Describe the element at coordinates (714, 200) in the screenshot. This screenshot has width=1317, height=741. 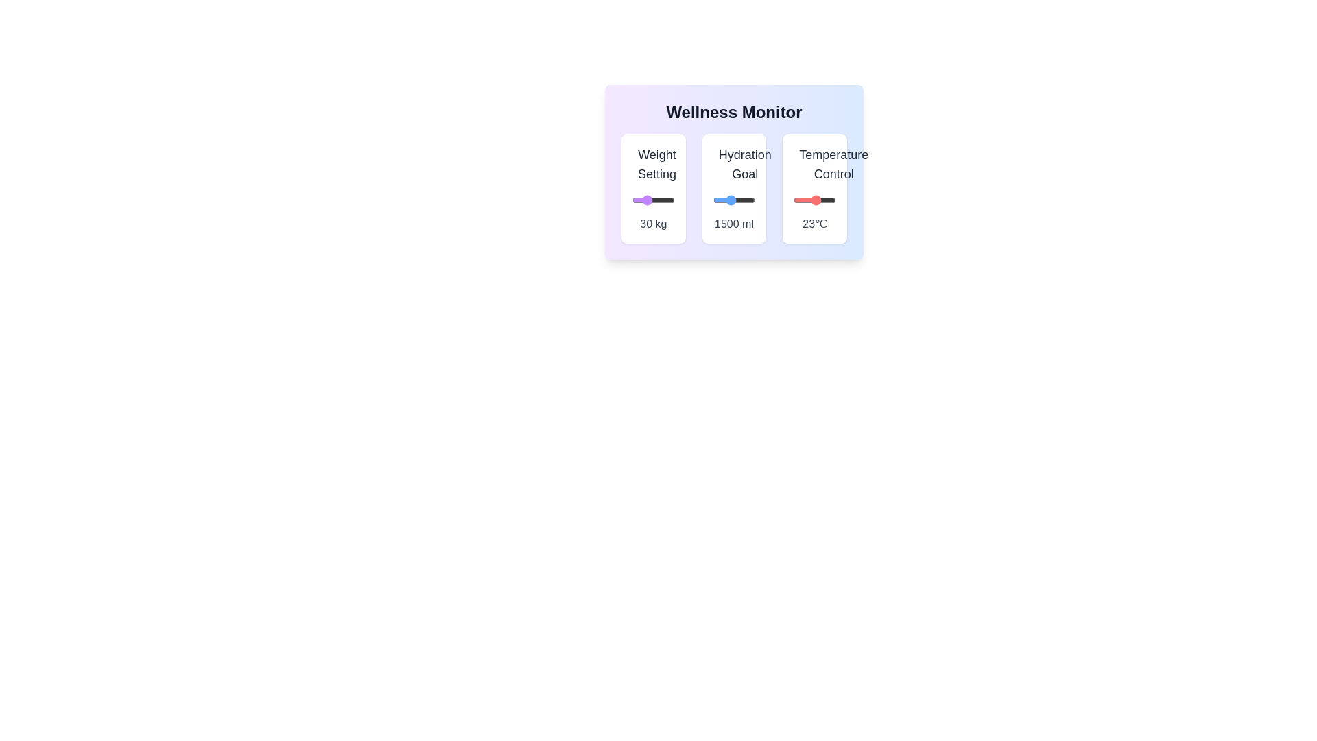
I see `hydration goal` at that location.